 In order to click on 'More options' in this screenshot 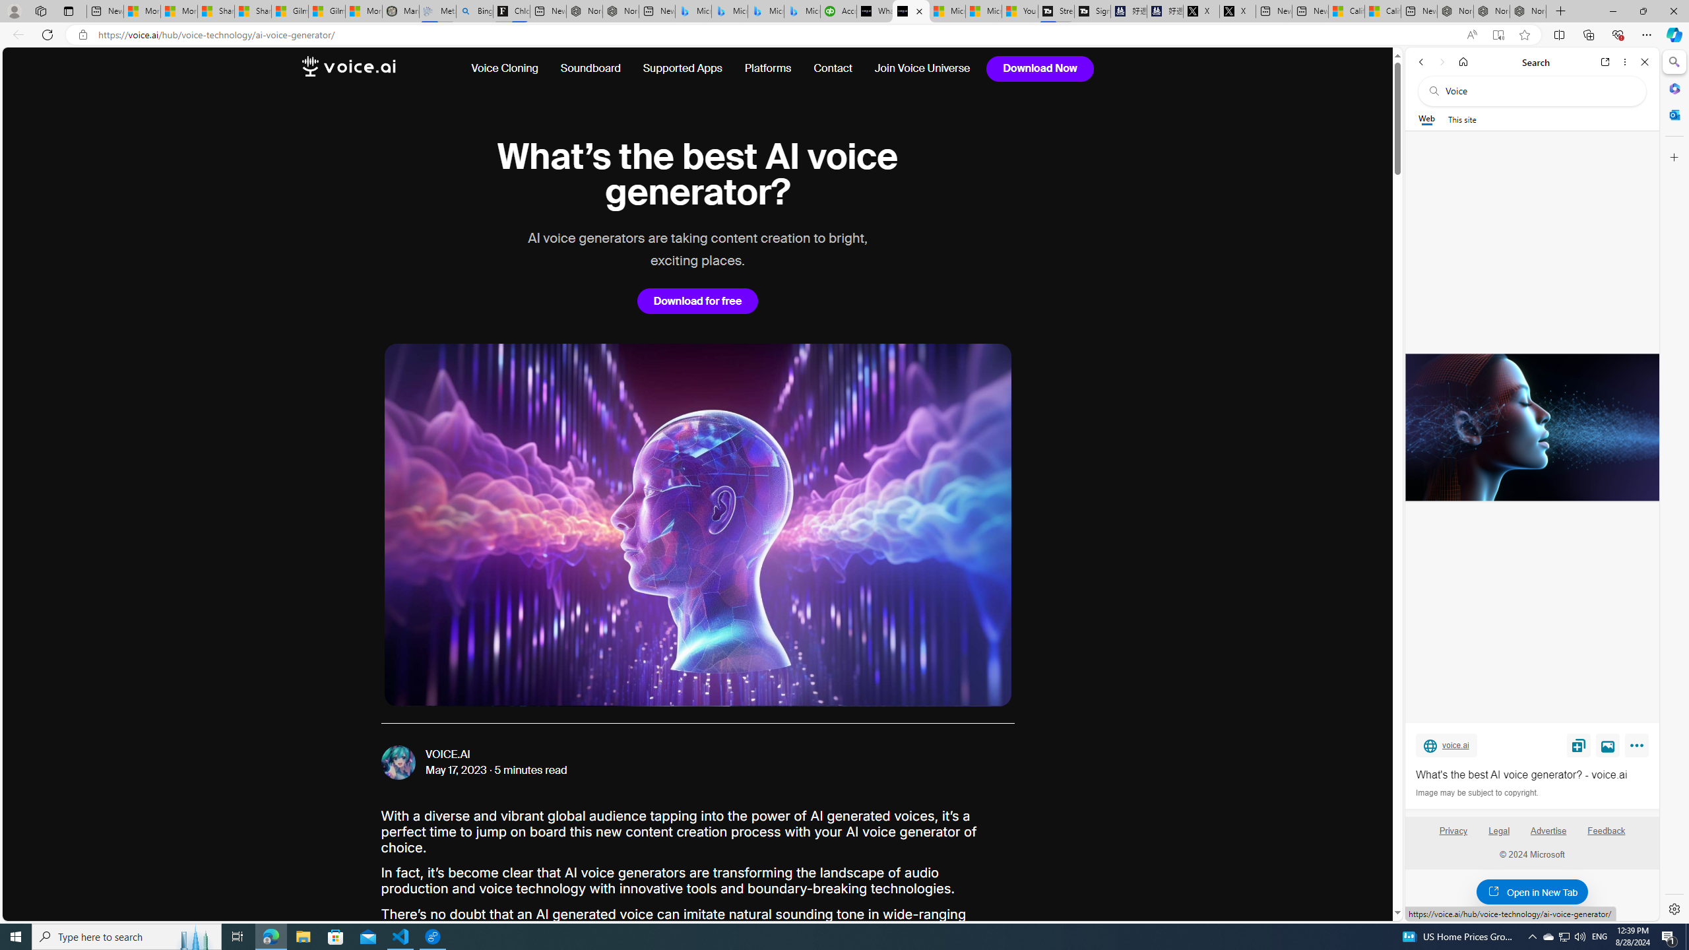, I will do `click(1625, 61)`.